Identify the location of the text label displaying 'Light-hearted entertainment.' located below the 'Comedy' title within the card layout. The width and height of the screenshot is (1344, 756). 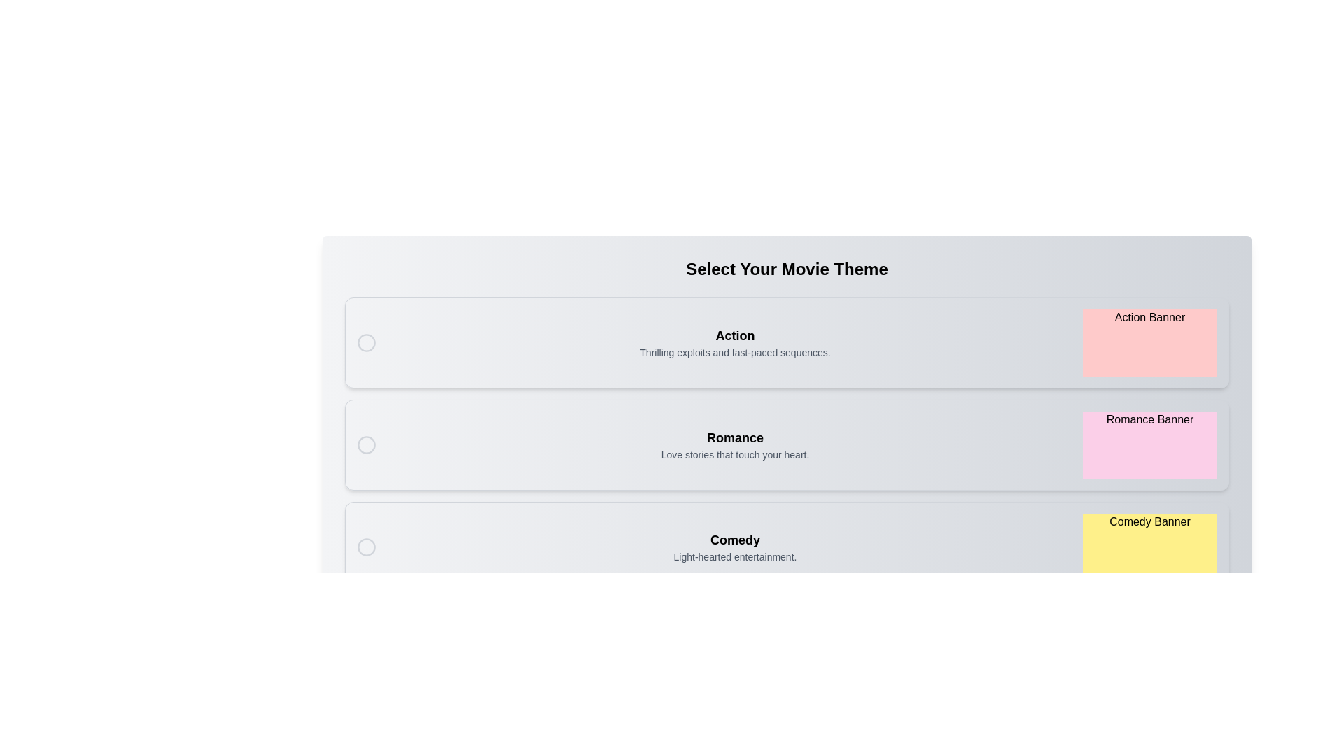
(734, 556).